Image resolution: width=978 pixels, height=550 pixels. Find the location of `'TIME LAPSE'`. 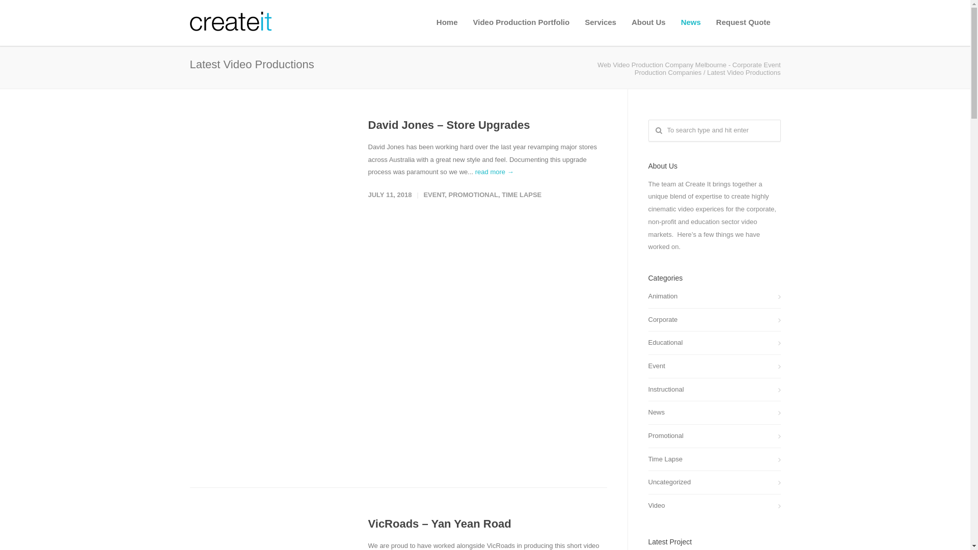

'TIME LAPSE' is located at coordinates (521, 195).